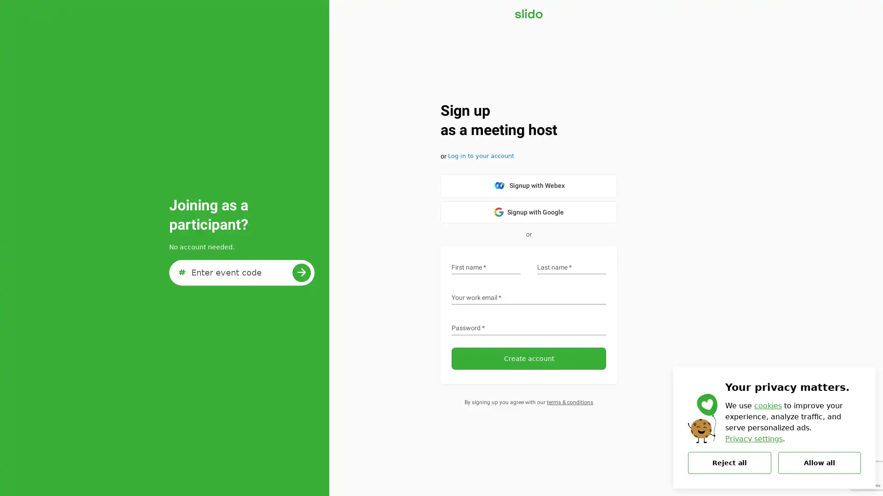 Image resolution: width=883 pixels, height=496 pixels. I want to click on Create account, so click(529, 357).